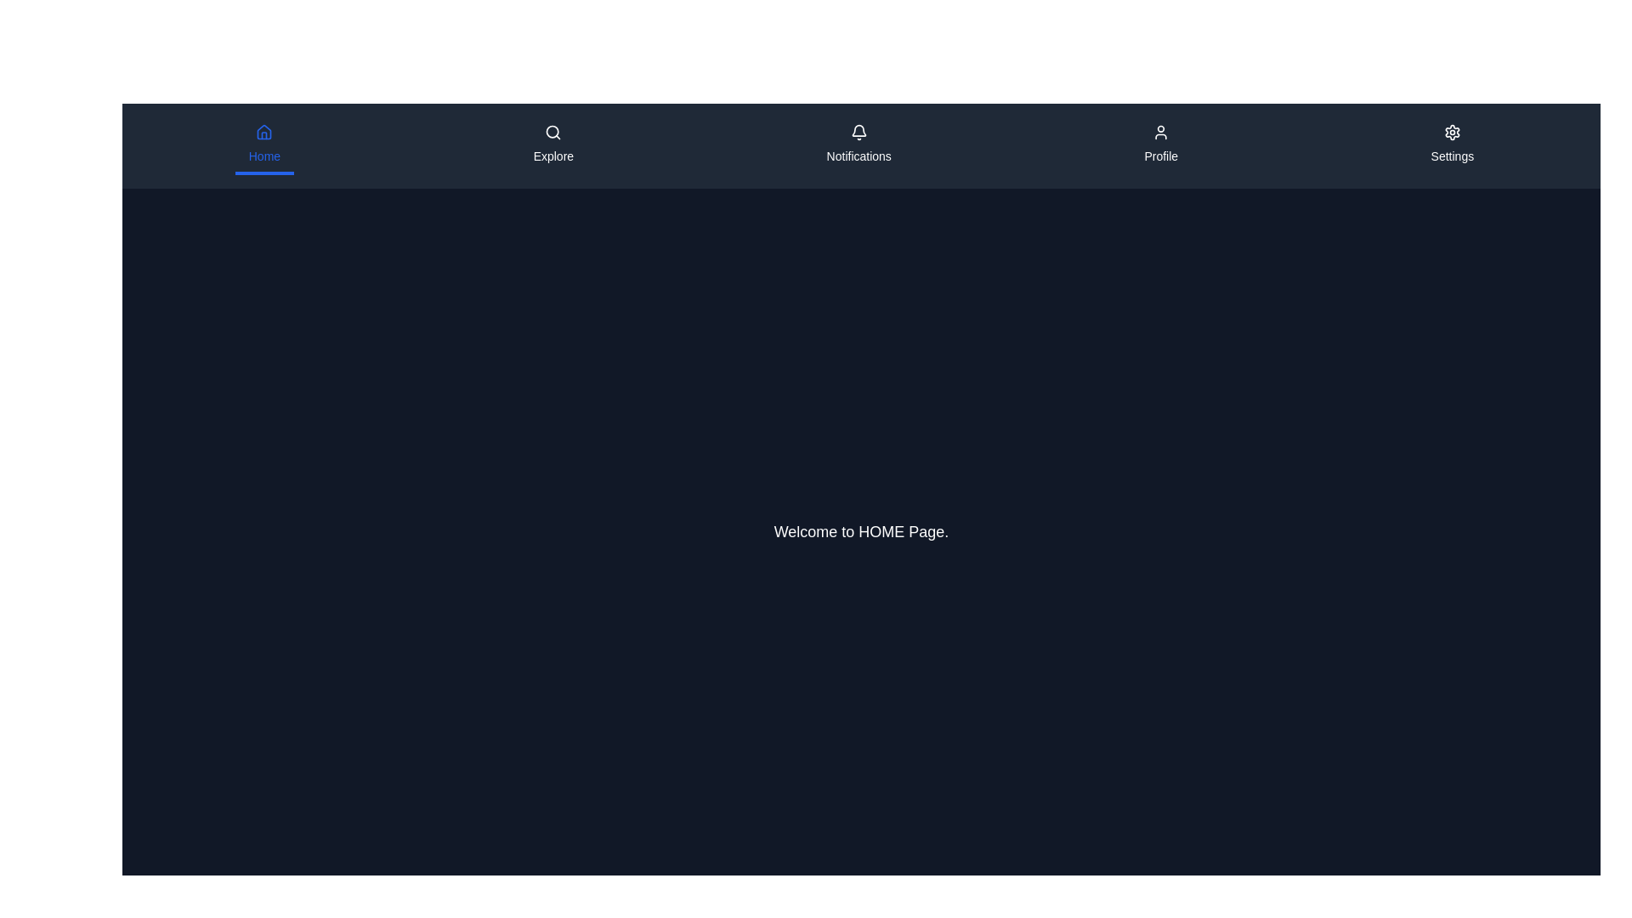 Image resolution: width=1632 pixels, height=918 pixels. Describe the element at coordinates (553, 156) in the screenshot. I see `the 'Explore' text label located beneath the search icon in the top navigation bar` at that location.